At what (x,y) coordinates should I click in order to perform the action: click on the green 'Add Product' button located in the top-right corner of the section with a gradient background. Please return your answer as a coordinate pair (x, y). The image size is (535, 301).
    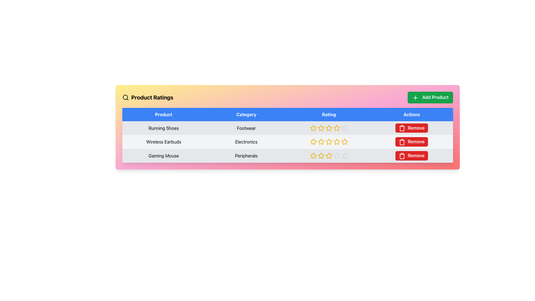
    Looking at the image, I should click on (430, 97).